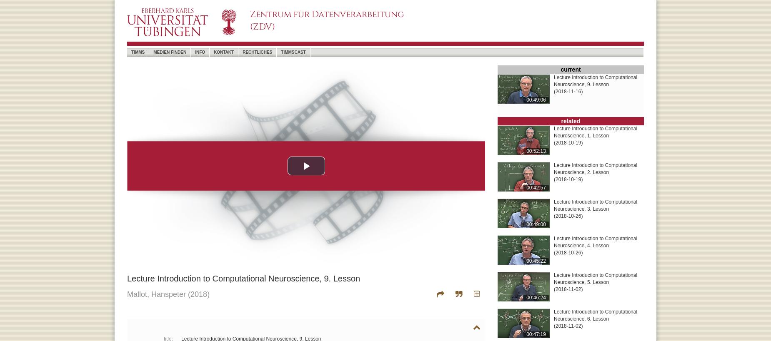  I want to click on 'timms', so click(137, 52).